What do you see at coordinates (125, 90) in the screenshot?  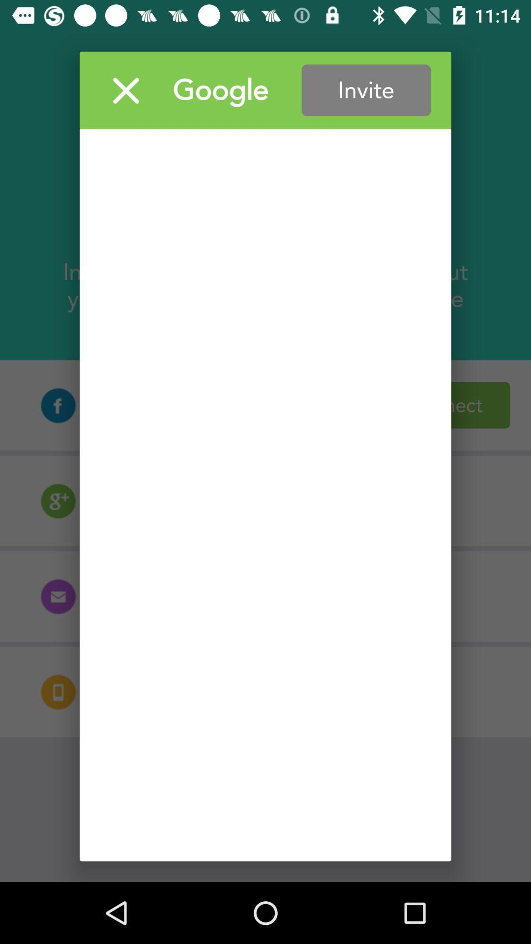 I see `screen` at bounding box center [125, 90].